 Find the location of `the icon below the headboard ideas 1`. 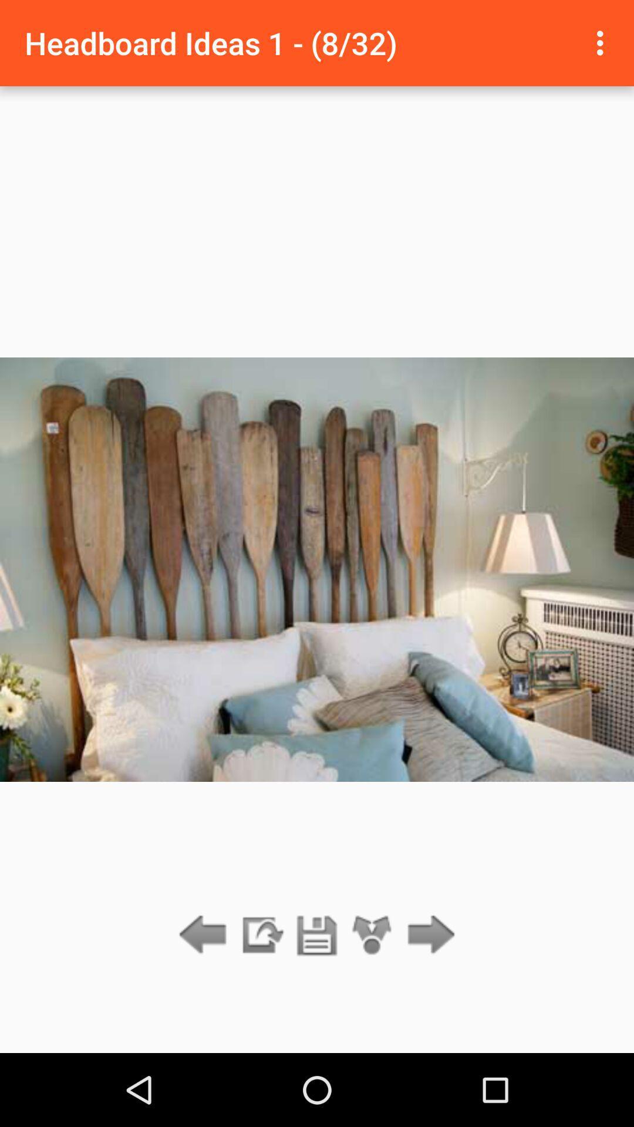

the icon below the headboard ideas 1 is located at coordinates (261, 935).